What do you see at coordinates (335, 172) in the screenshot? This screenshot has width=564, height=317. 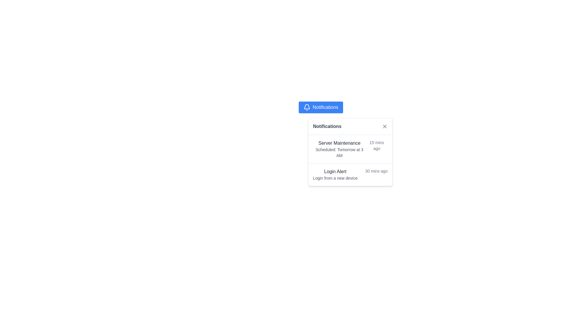 I see `the text label that serves as a title or headline for a notification in the second notification entry, located just above the descriptive text 'Login from a new device'` at bounding box center [335, 172].